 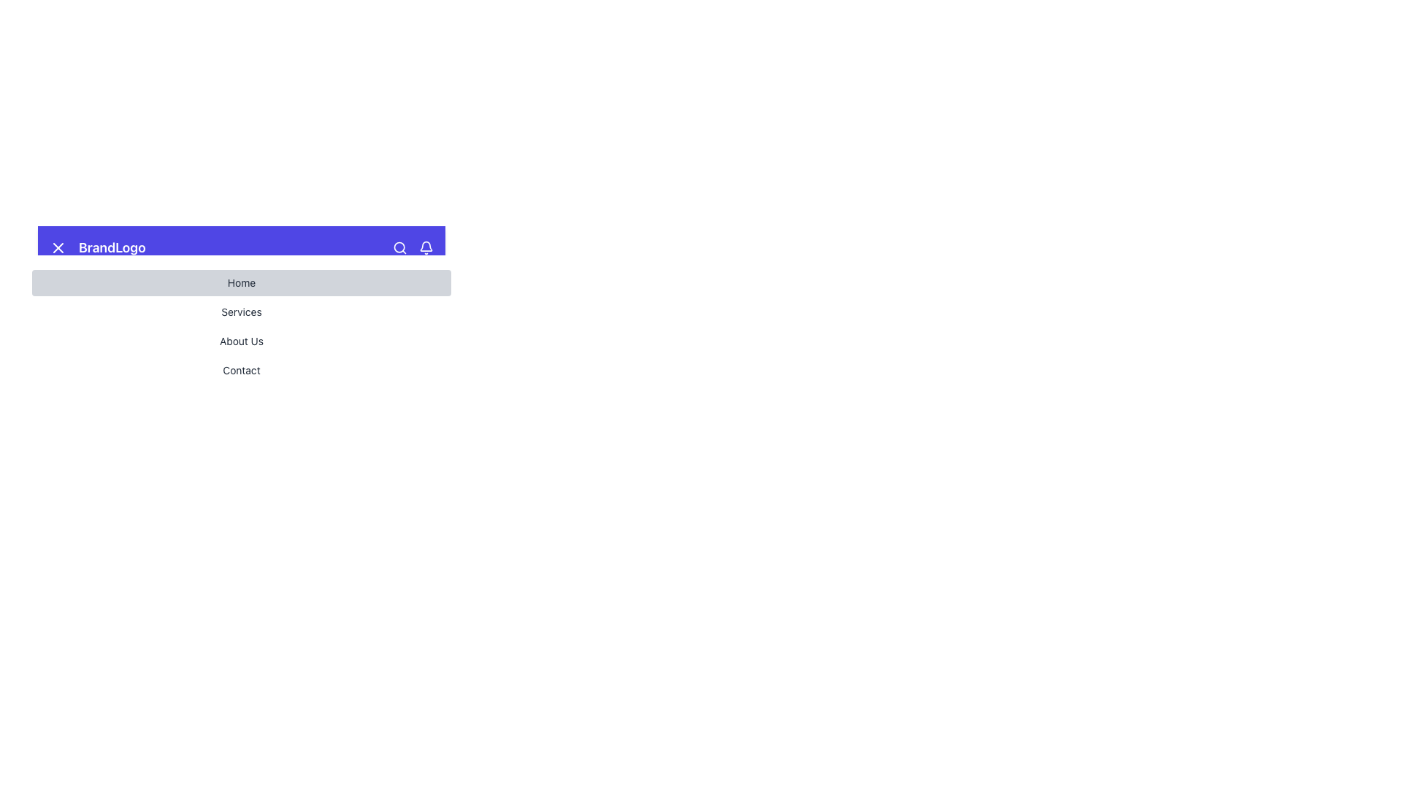 What do you see at coordinates (242, 370) in the screenshot?
I see `the 'Contact' button in the vertical menu` at bounding box center [242, 370].